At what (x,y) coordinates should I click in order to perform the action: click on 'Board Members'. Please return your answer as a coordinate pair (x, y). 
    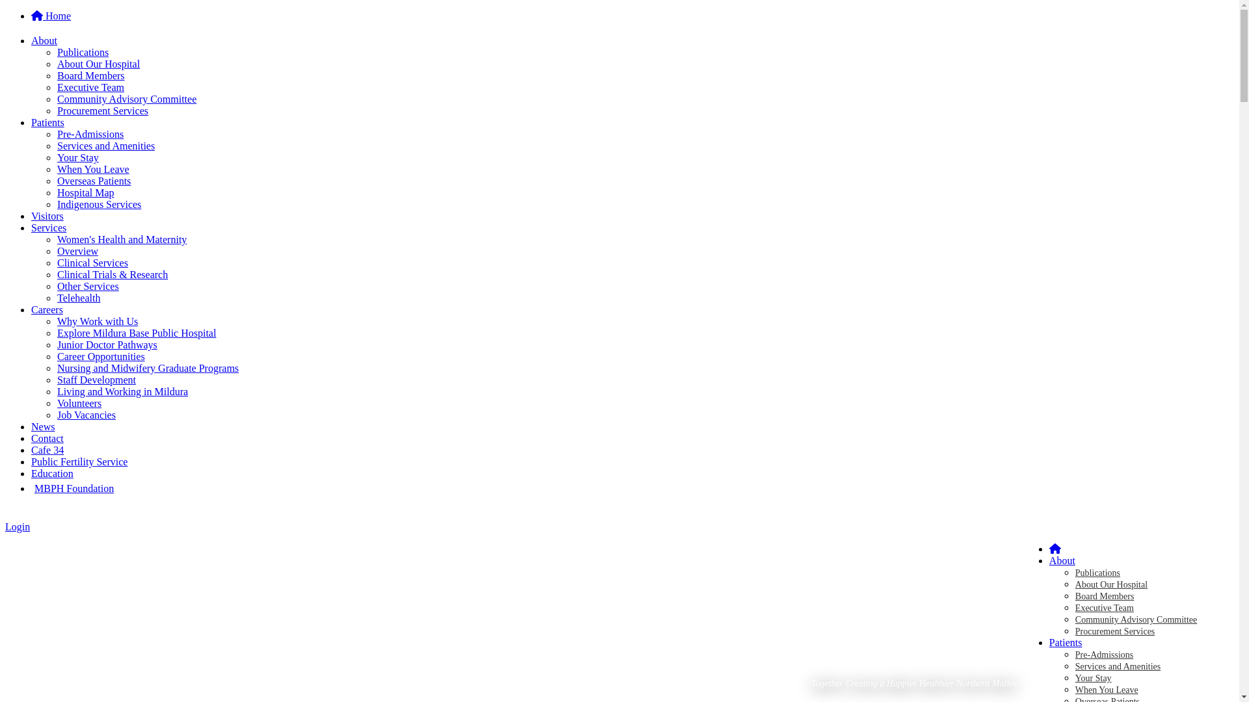
    Looking at the image, I should click on (90, 75).